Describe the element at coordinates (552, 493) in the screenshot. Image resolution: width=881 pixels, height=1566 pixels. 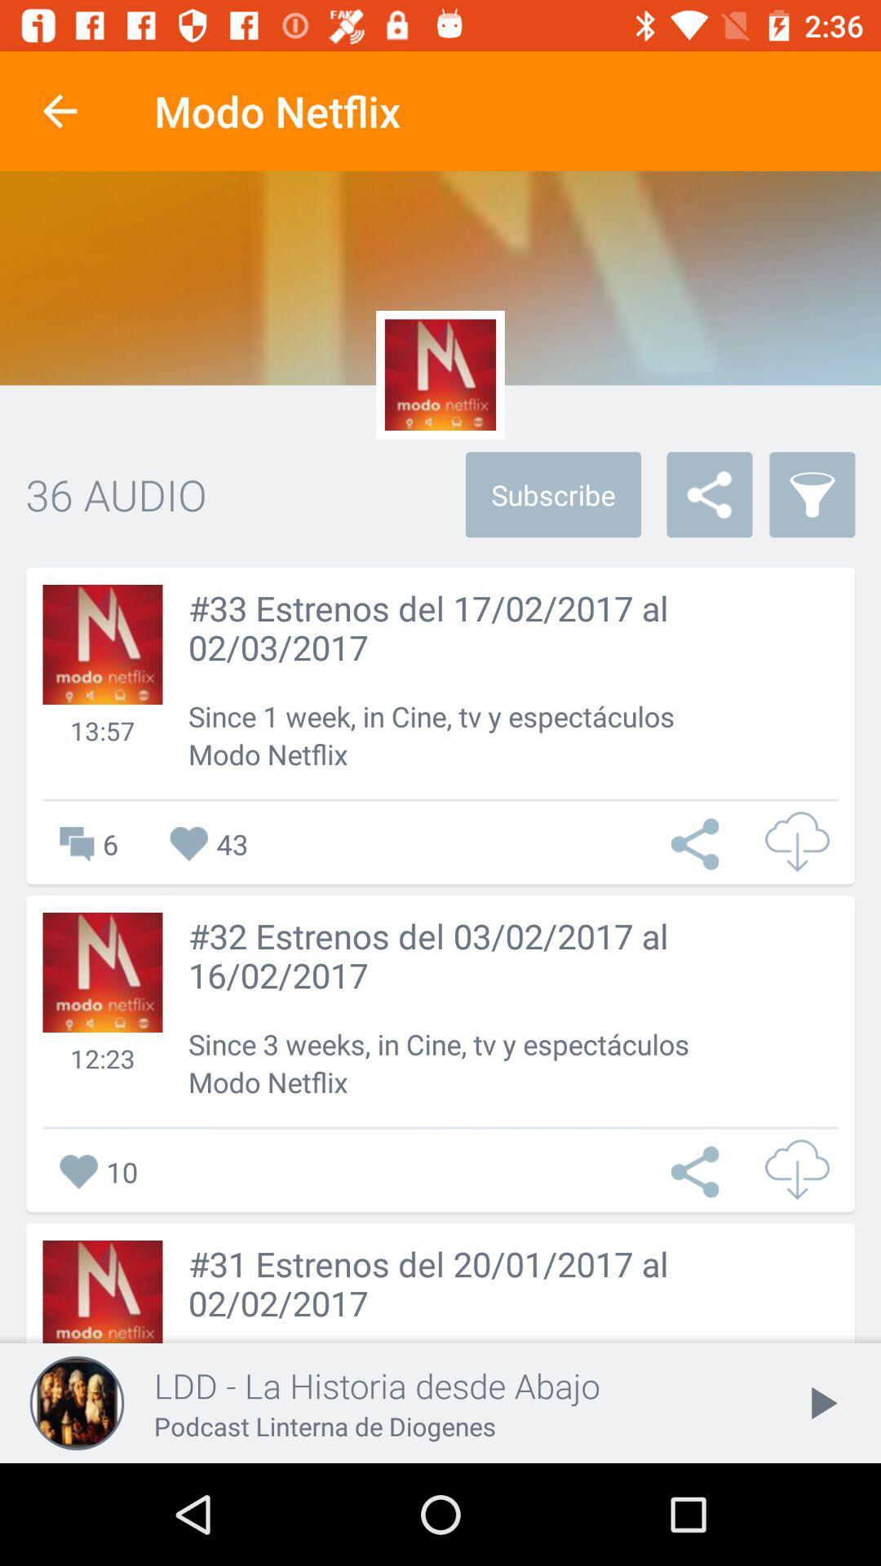
I see `the subscribe item` at that location.